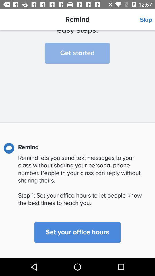 This screenshot has height=276, width=155. Describe the element at coordinates (77, 53) in the screenshot. I see `the item below we ll help item` at that location.